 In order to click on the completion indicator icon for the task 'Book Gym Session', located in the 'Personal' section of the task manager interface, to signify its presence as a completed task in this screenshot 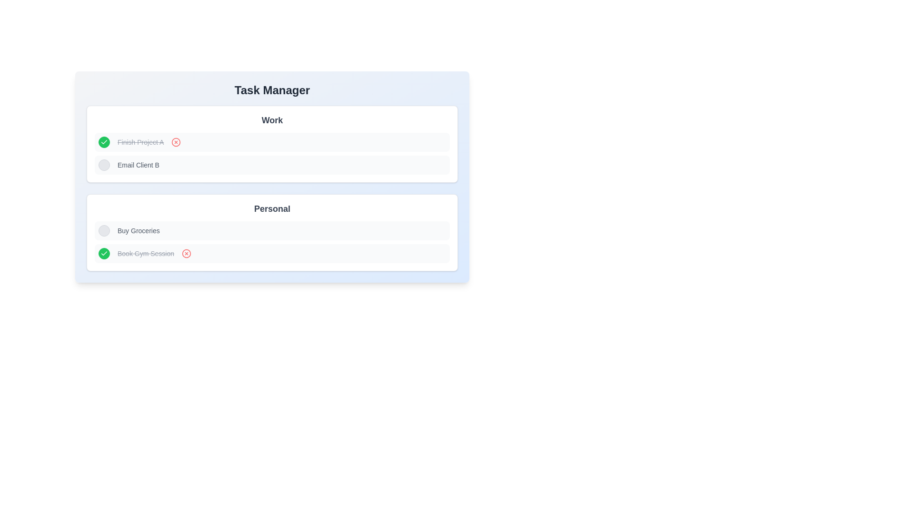, I will do `click(104, 142)`.